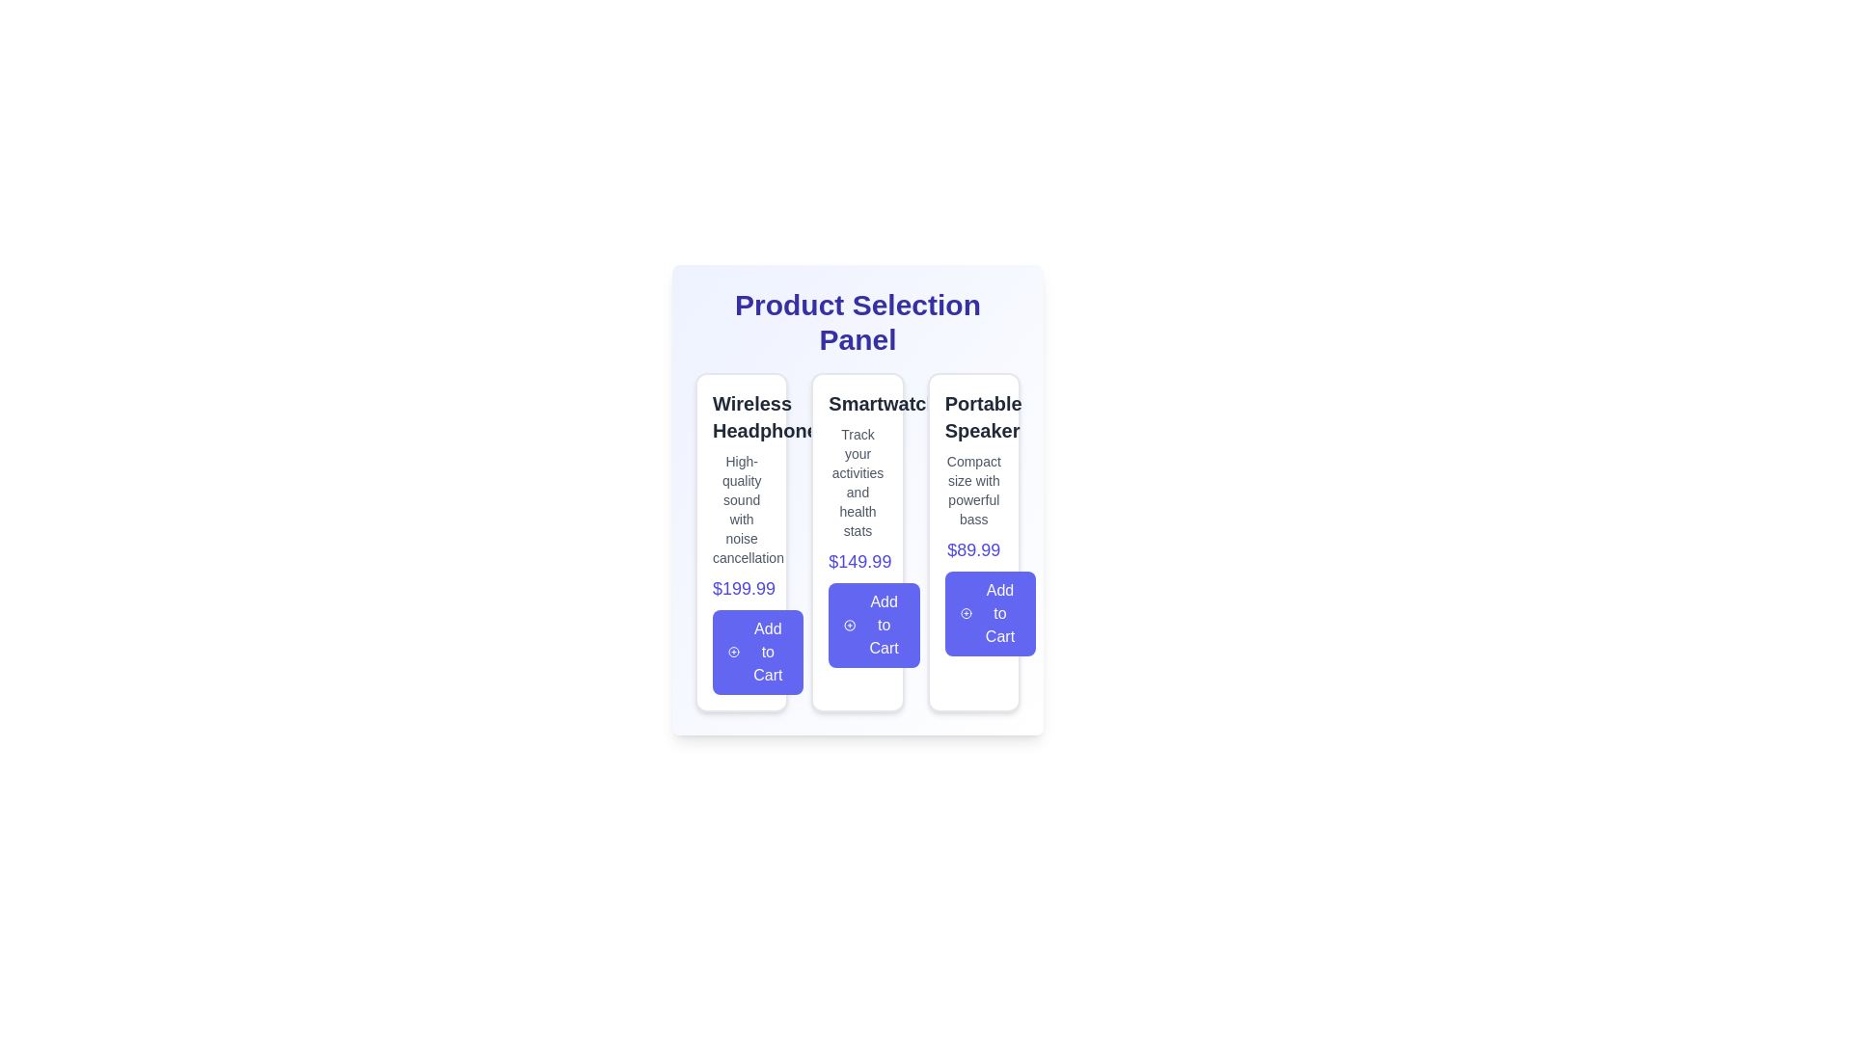  Describe the element at coordinates (857, 403) in the screenshot. I see `the Text Label that indicates the product name, located at the top of the middle product card in a grid of three cards, positioned between 'Wireless Headphones' and 'Portable Speaker'` at that location.